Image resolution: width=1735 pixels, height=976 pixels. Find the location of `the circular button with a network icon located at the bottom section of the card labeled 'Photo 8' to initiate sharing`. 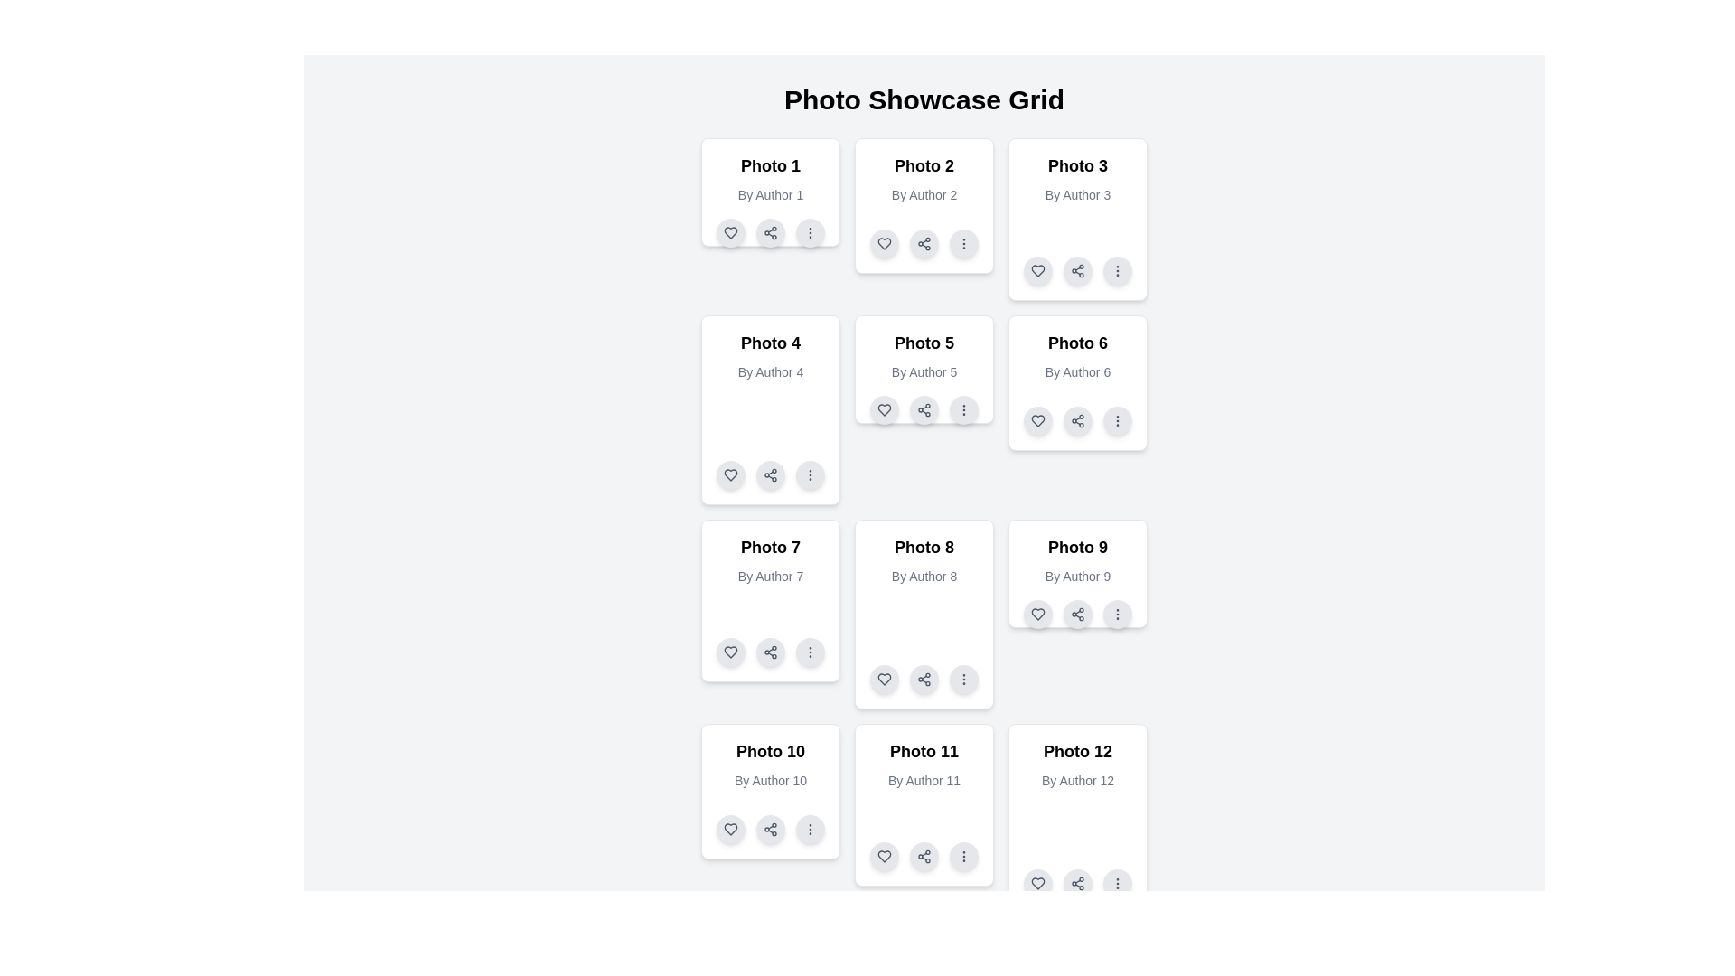

the circular button with a network icon located at the bottom section of the card labeled 'Photo 8' to initiate sharing is located at coordinates (924, 680).